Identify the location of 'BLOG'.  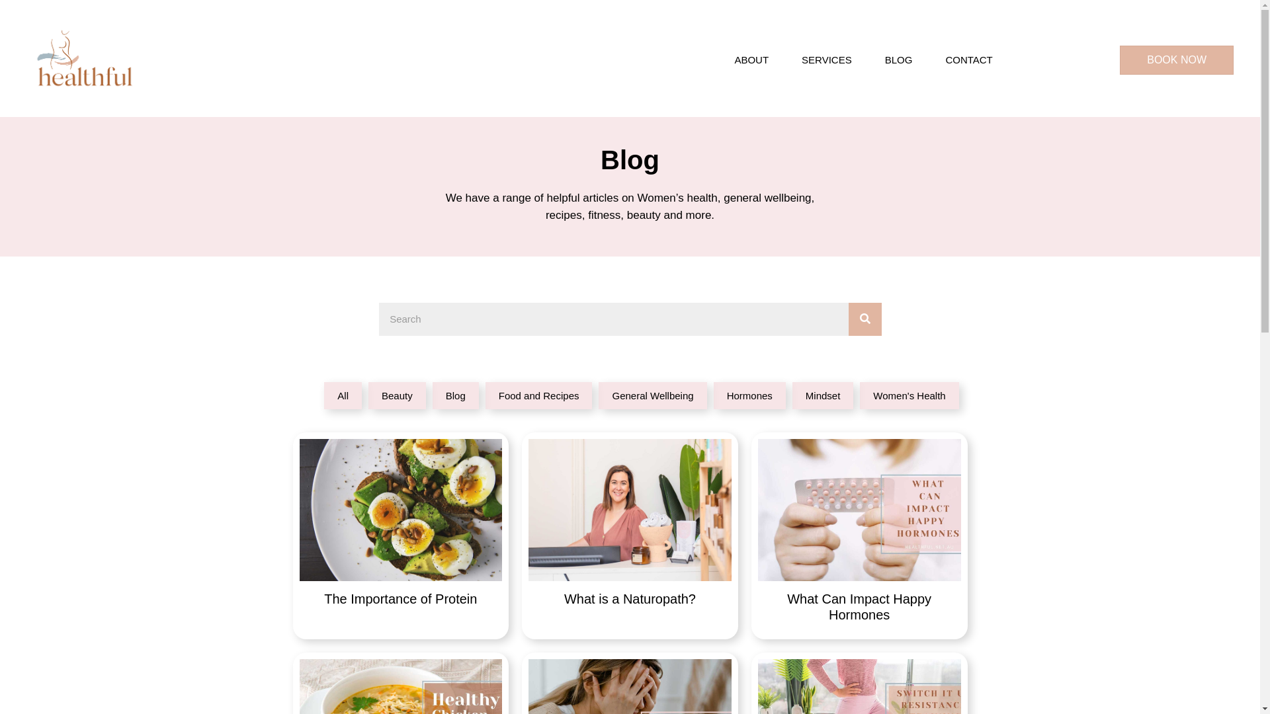
(872, 60).